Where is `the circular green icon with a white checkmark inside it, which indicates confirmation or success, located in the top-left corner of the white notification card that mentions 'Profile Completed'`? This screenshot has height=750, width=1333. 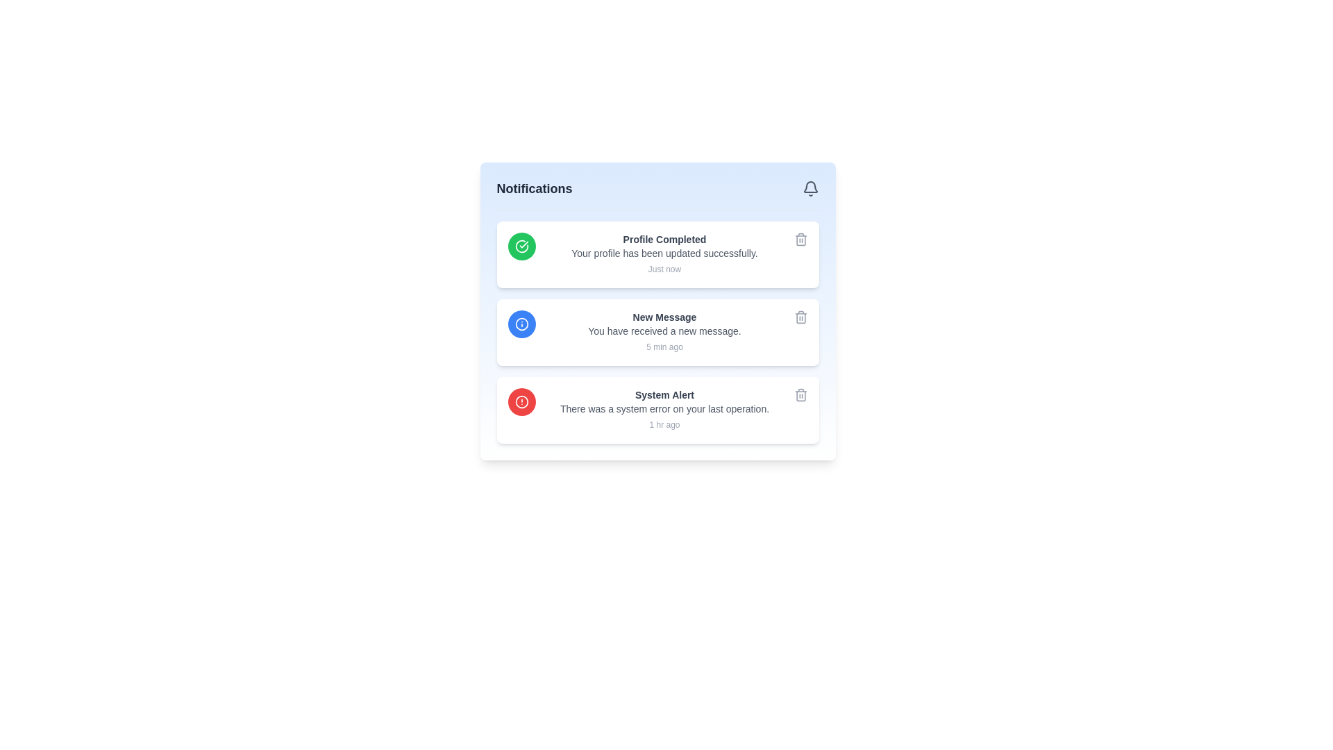
the circular green icon with a white checkmark inside it, which indicates confirmation or success, located in the top-left corner of the white notification card that mentions 'Profile Completed' is located at coordinates (521, 245).